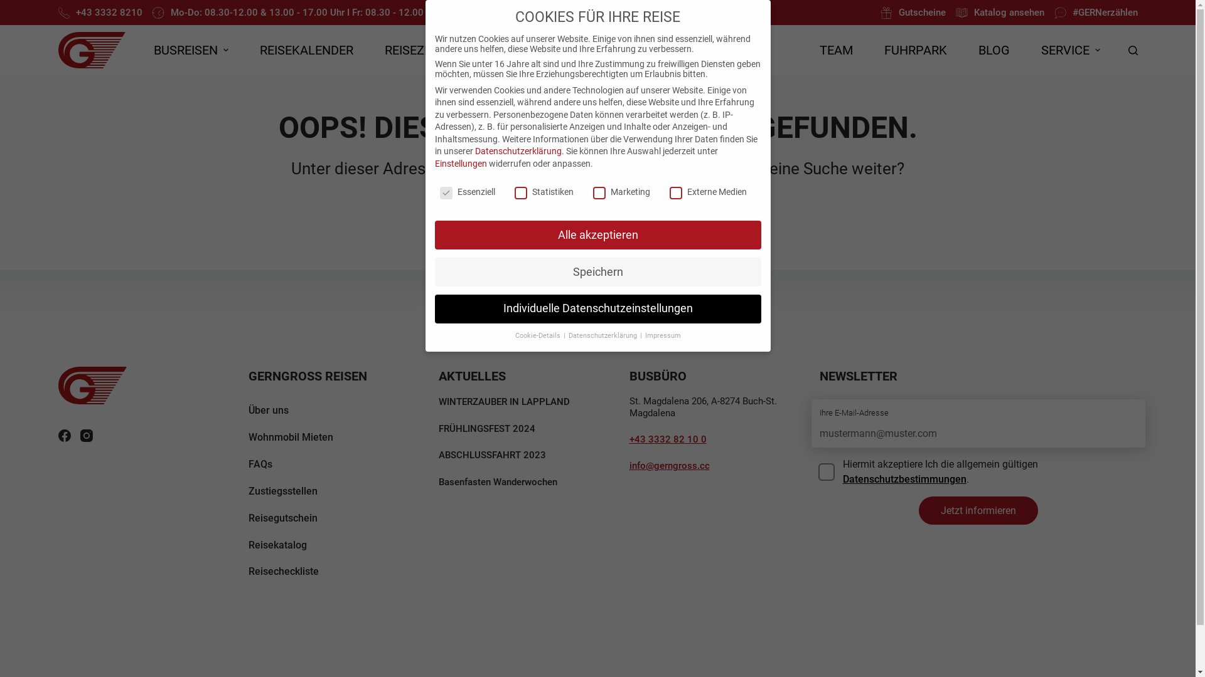 The width and height of the screenshot is (1205, 677). What do you see at coordinates (999, 12) in the screenshot?
I see `'Katalog ansehen'` at bounding box center [999, 12].